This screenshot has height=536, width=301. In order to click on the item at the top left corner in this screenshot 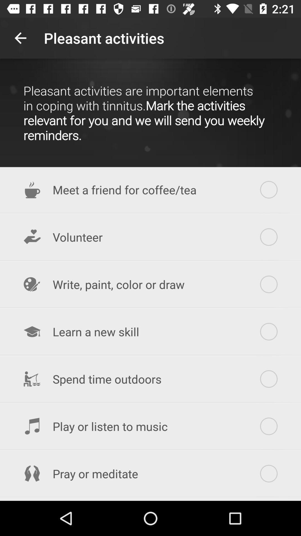, I will do `click(20, 38)`.